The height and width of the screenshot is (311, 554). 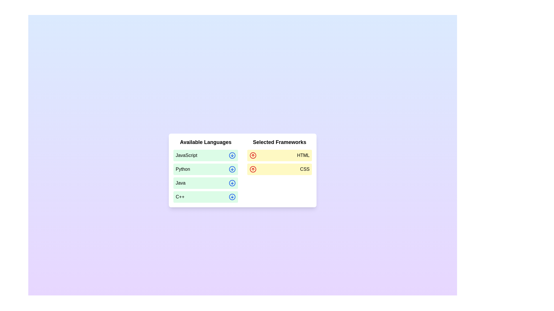 What do you see at coordinates (232, 169) in the screenshot?
I see `arrow-down icon next to the language Python in the 'Available Languages' list to move it to the 'Selected Frameworks' list` at bounding box center [232, 169].